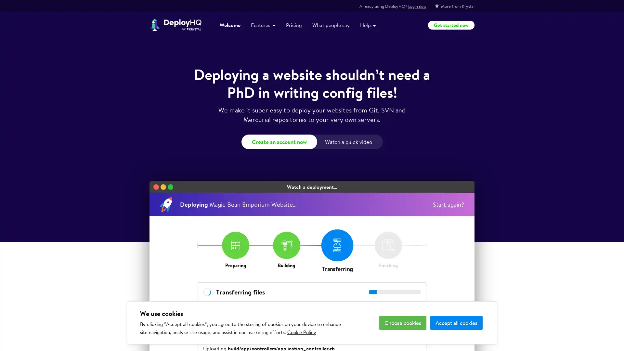  What do you see at coordinates (349, 141) in the screenshot?
I see `Watch a quick video` at bounding box center [349, 141].